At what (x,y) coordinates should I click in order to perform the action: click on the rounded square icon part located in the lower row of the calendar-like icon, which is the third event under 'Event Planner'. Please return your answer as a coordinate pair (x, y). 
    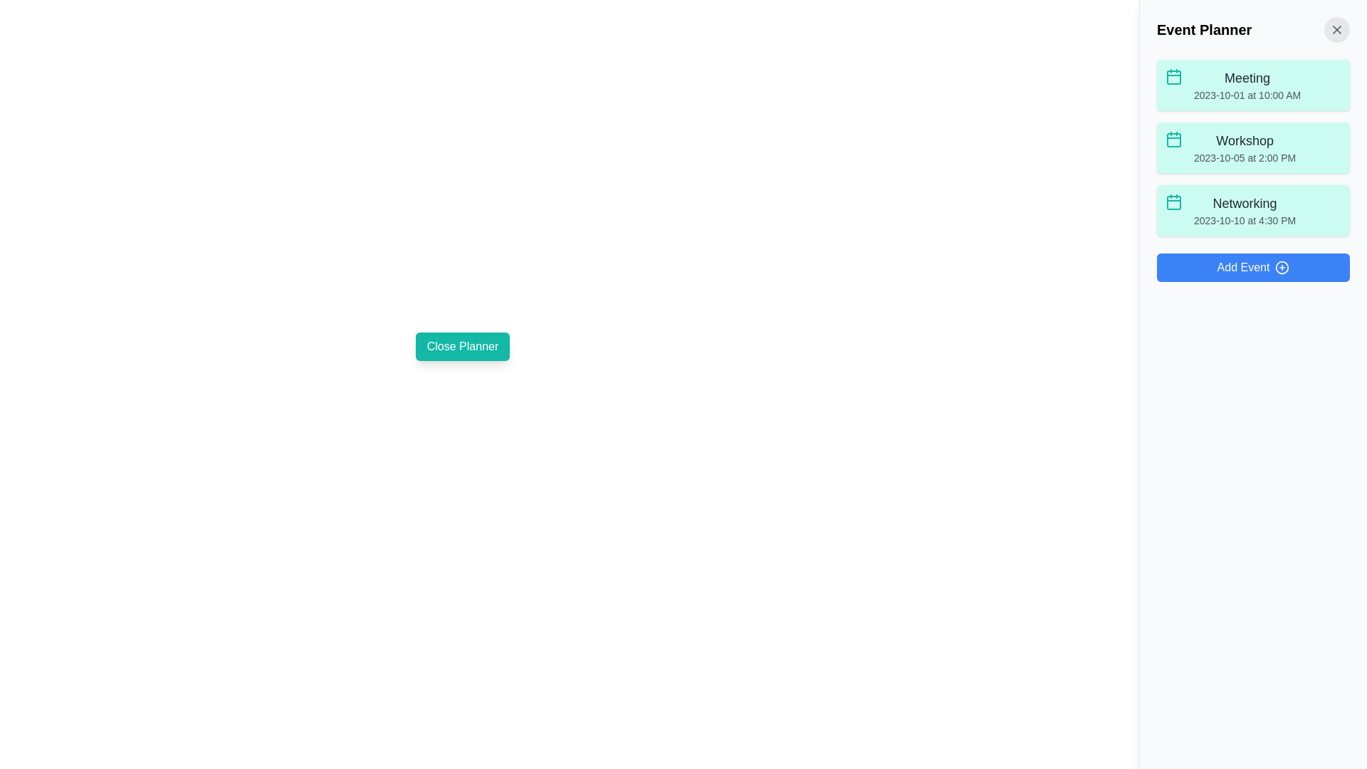
    Looking at the image, I should click on (1174, 203).